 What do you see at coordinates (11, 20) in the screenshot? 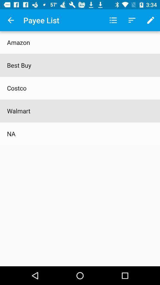
I see `the icon above amazon` at bounding box center [11, 20].